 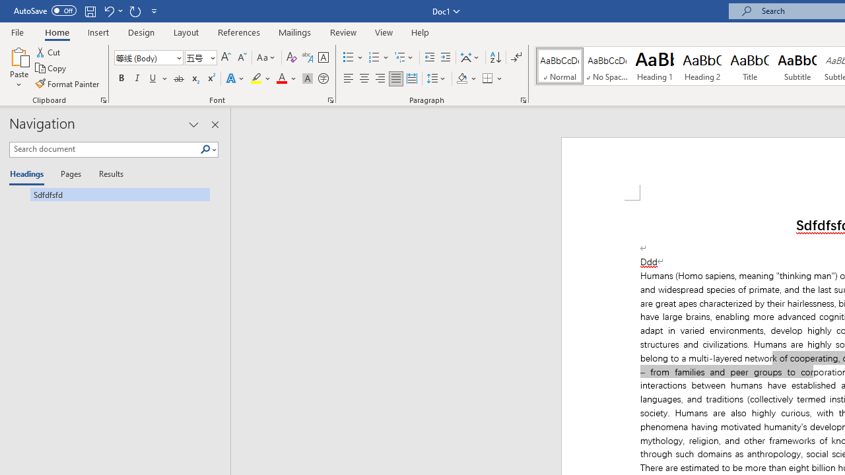 I want to click on 'Multilevel List', so click(x=404, y=57).